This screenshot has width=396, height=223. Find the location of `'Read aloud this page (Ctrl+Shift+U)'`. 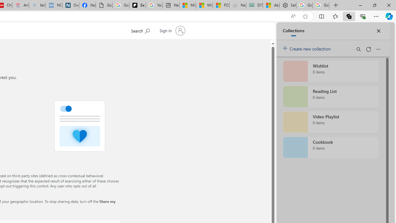

'Read aloud this page (Ctrl+Shift+U)' is located at coordinates (292, 16).